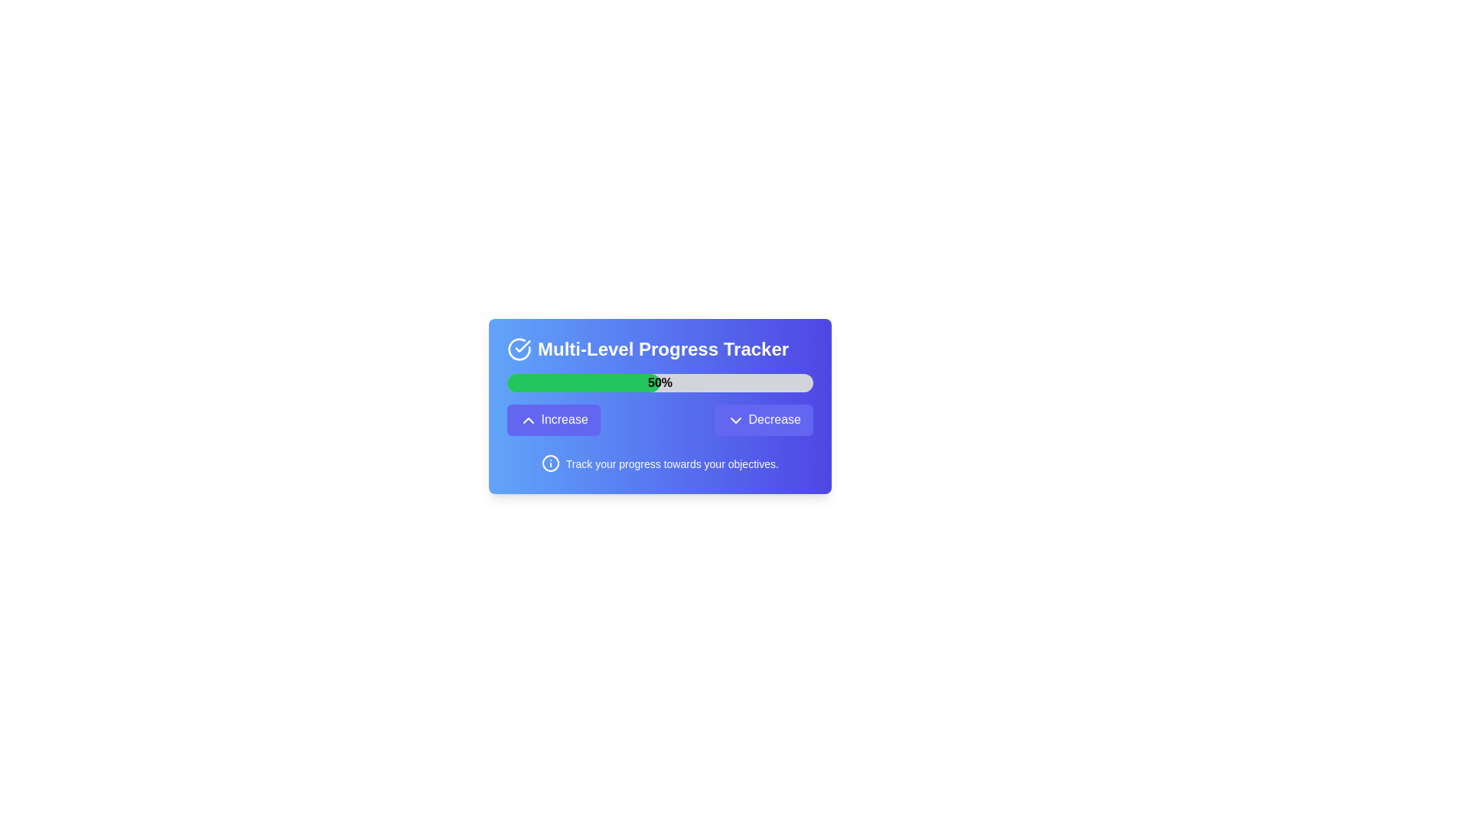 Image resolution: width=1469 pixels, height=826 pixels. Describe the element at coordinates (736, 420) in the screenshot. I see `the downward-facing chevron icon located at the right end of the 'Decrease' button, which is positioned at the lower-right of the interface` at that location.